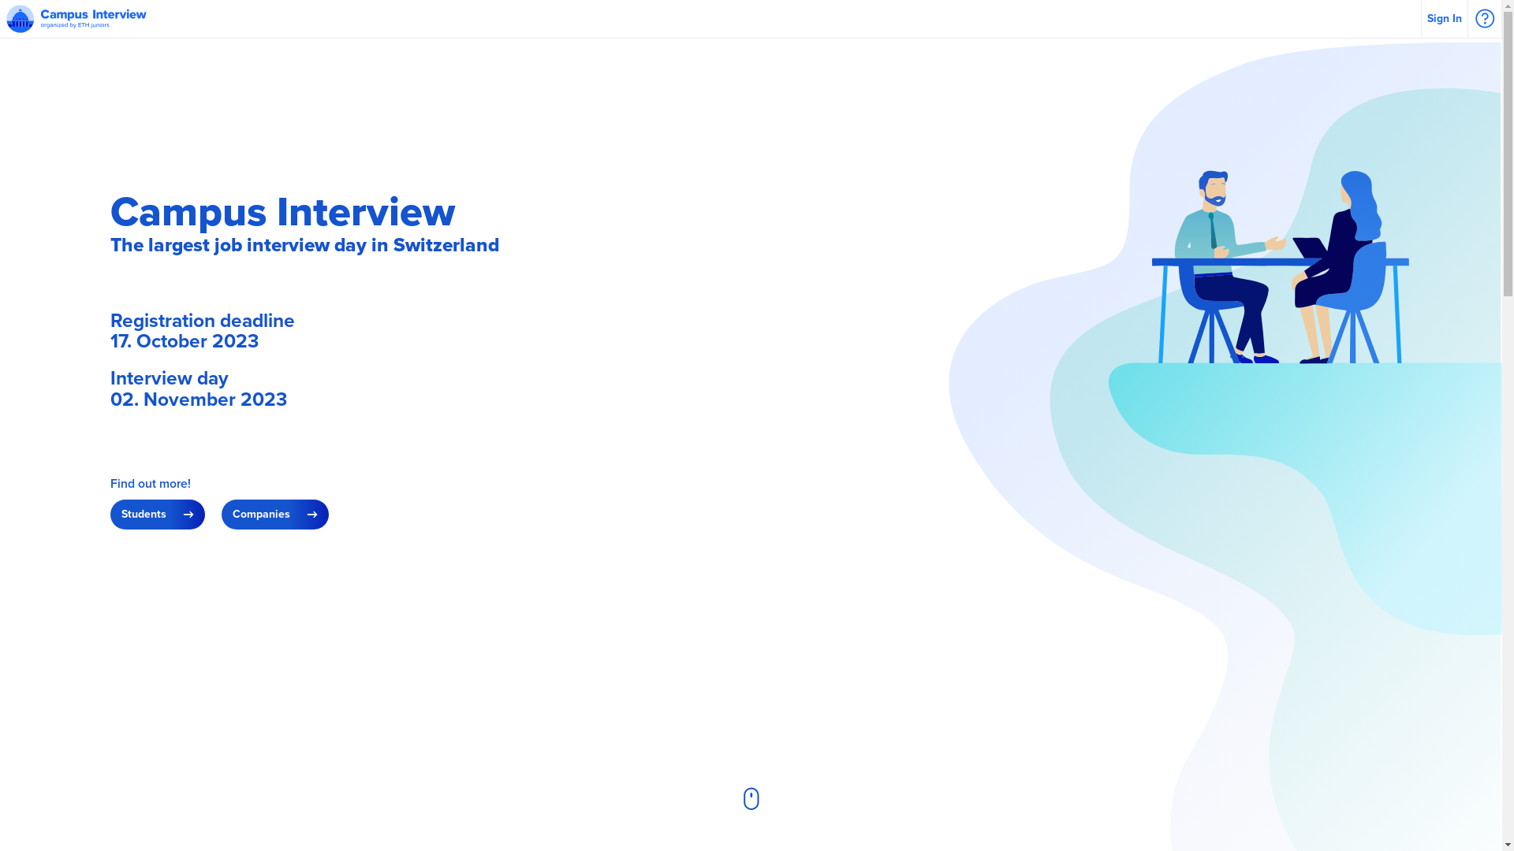 The height and width of the screenshot is (851, 1514). Describe the element at coordinates (1445, 18) in the screenshot. I see `'Sign In'` at that location.